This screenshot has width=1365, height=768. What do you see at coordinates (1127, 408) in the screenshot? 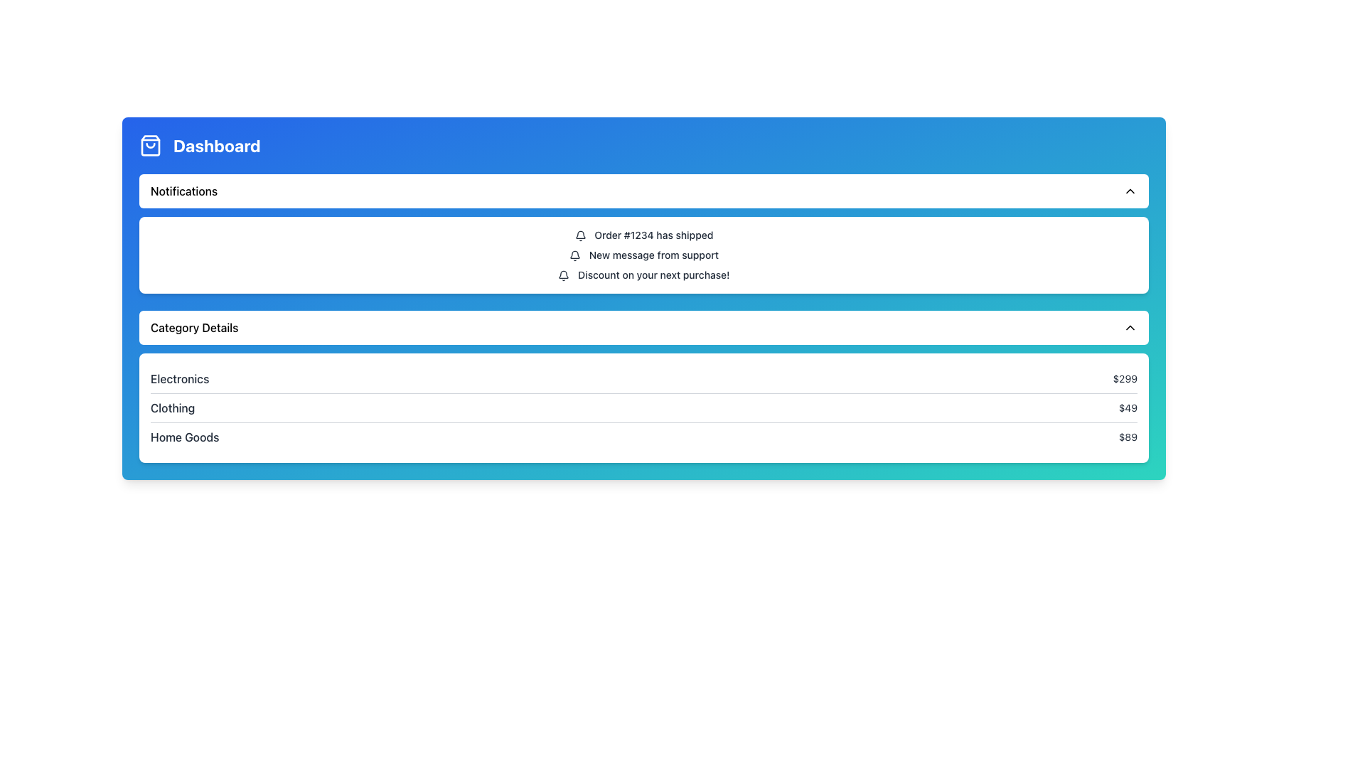
I see `the value displayed in the text label '$49' located at the far right of the 'Clothing' row in the 'Category Details' table` at bounding box center [1127, 408].